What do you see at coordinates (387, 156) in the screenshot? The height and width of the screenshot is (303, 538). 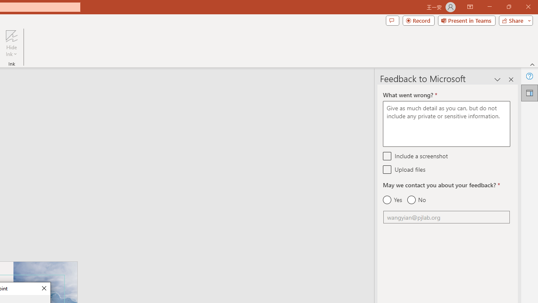 I see `'Include a screenshot'` at bounding box center [387, 156].